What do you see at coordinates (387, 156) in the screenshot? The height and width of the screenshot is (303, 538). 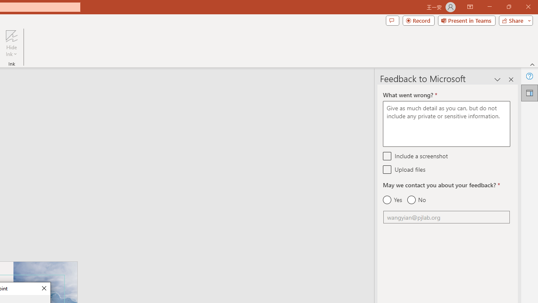 I see `'Include a screenshot'` at bounding box center [387, 156].